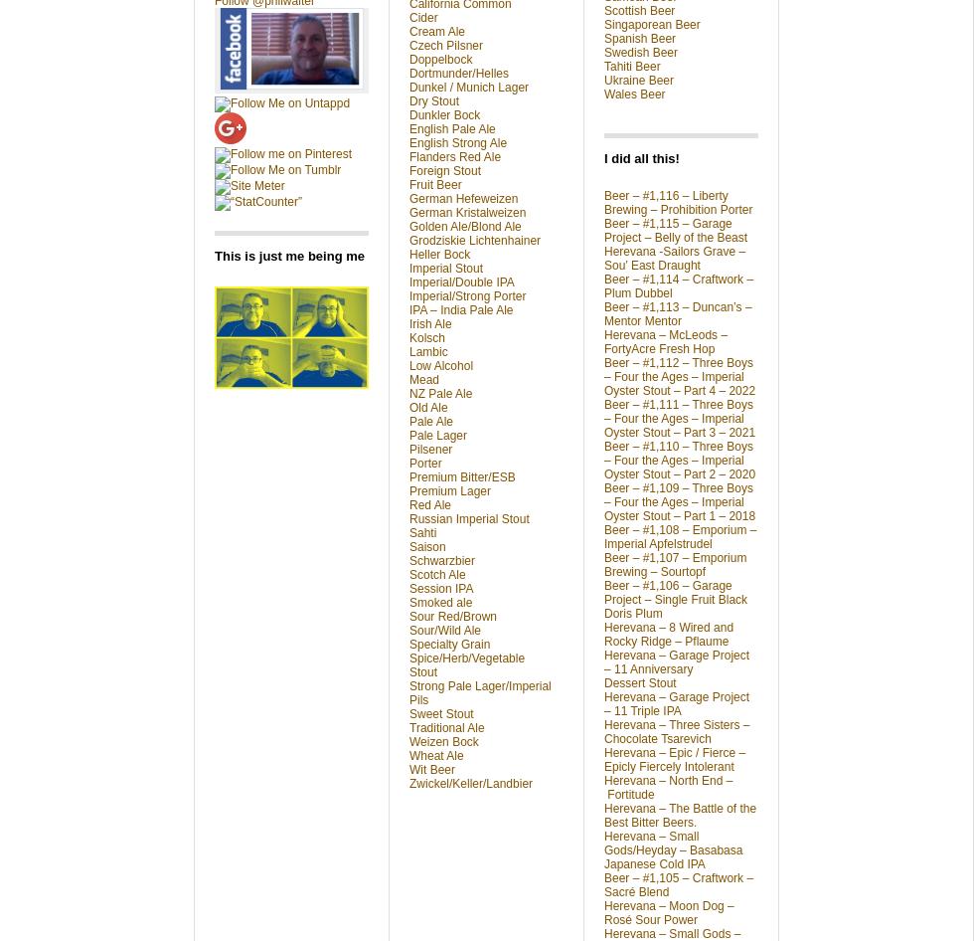  What do you see at coordinates (603, 787) in the screenshot?
I see `'Herevana – North End – Fortitude'` at bounding box center [603, 787].